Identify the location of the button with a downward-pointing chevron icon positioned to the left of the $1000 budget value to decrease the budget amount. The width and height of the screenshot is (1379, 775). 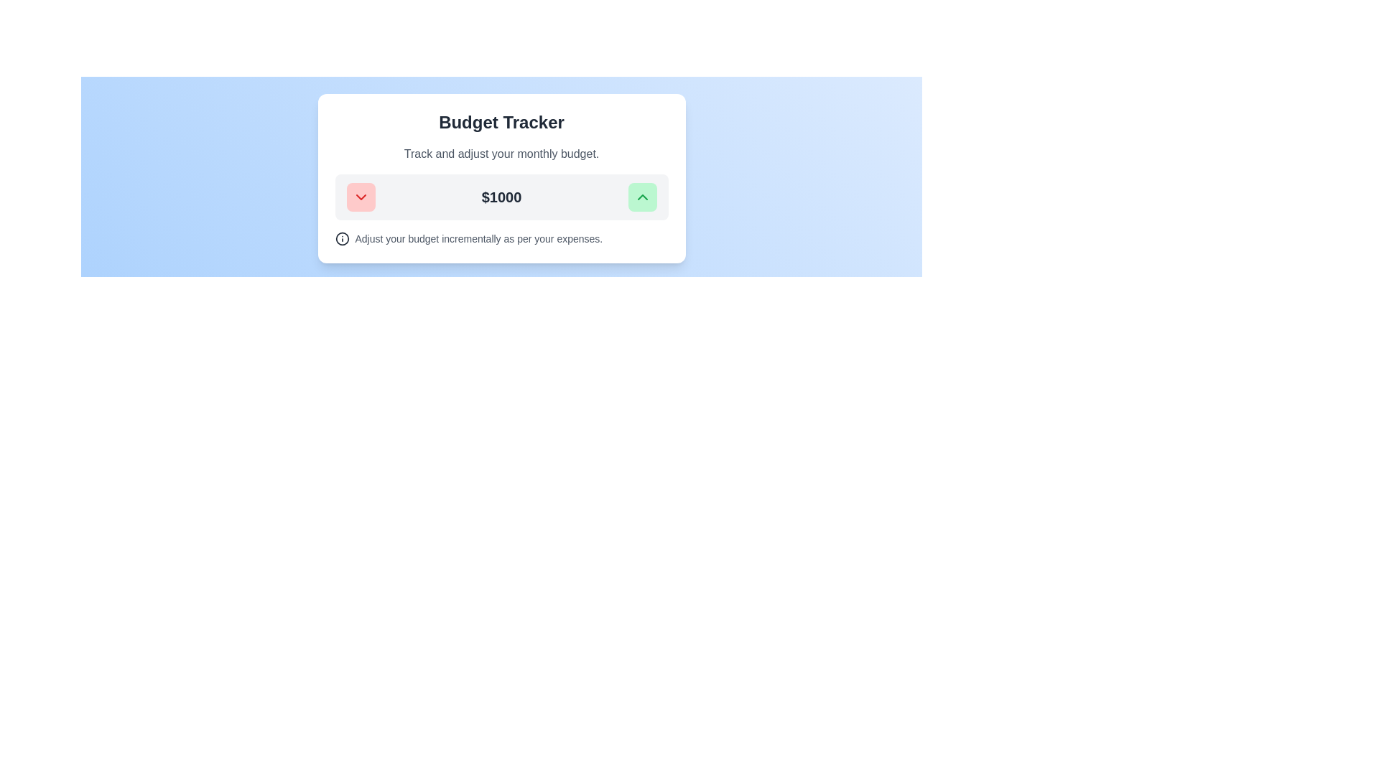
(361, 197).